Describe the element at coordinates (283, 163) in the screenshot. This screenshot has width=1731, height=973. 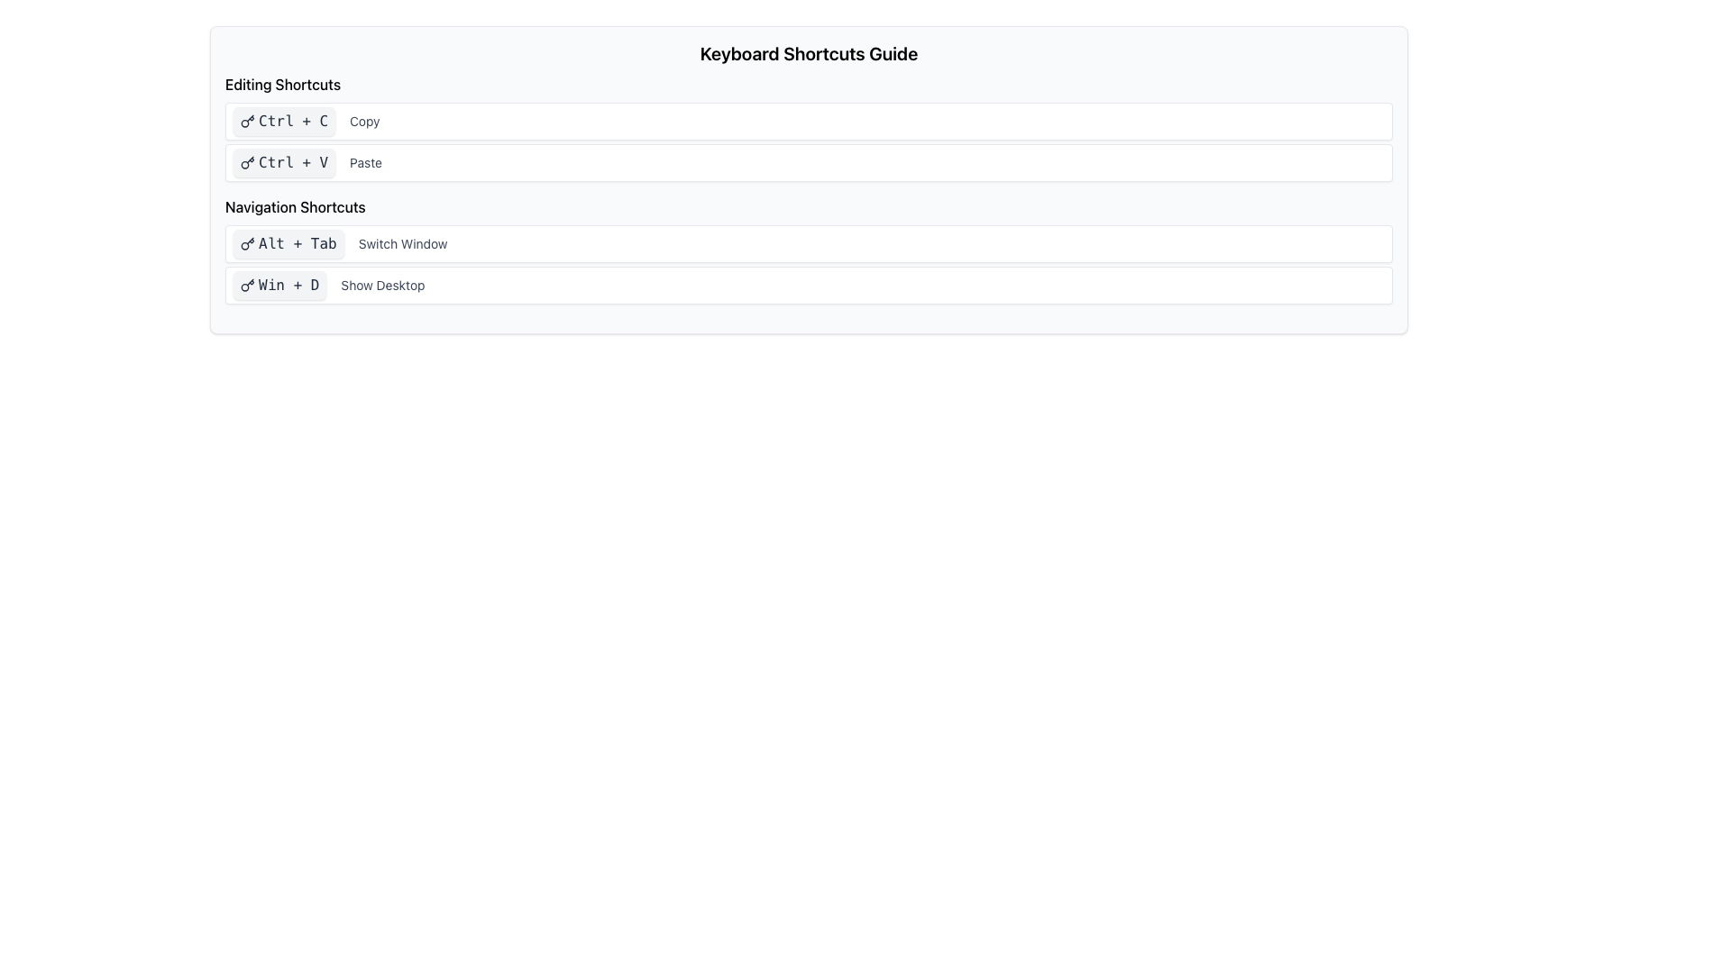
I see `the Keyboard Shortcut Indicator displaying 'Ctrl + V' for the Paste command, located in the Editing Shortcuts section as the second element` at that location.